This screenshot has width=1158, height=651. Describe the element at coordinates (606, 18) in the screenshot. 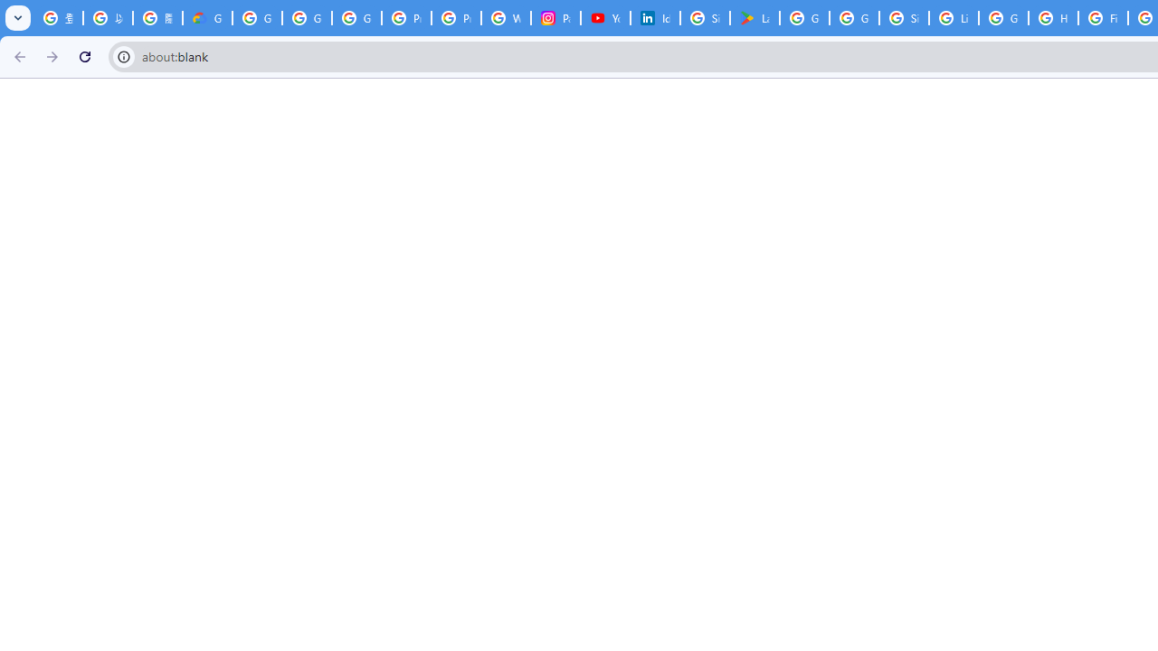

I see `'YouTube Culture & Trends - On The Rise: Handcam Videos'` at that location.